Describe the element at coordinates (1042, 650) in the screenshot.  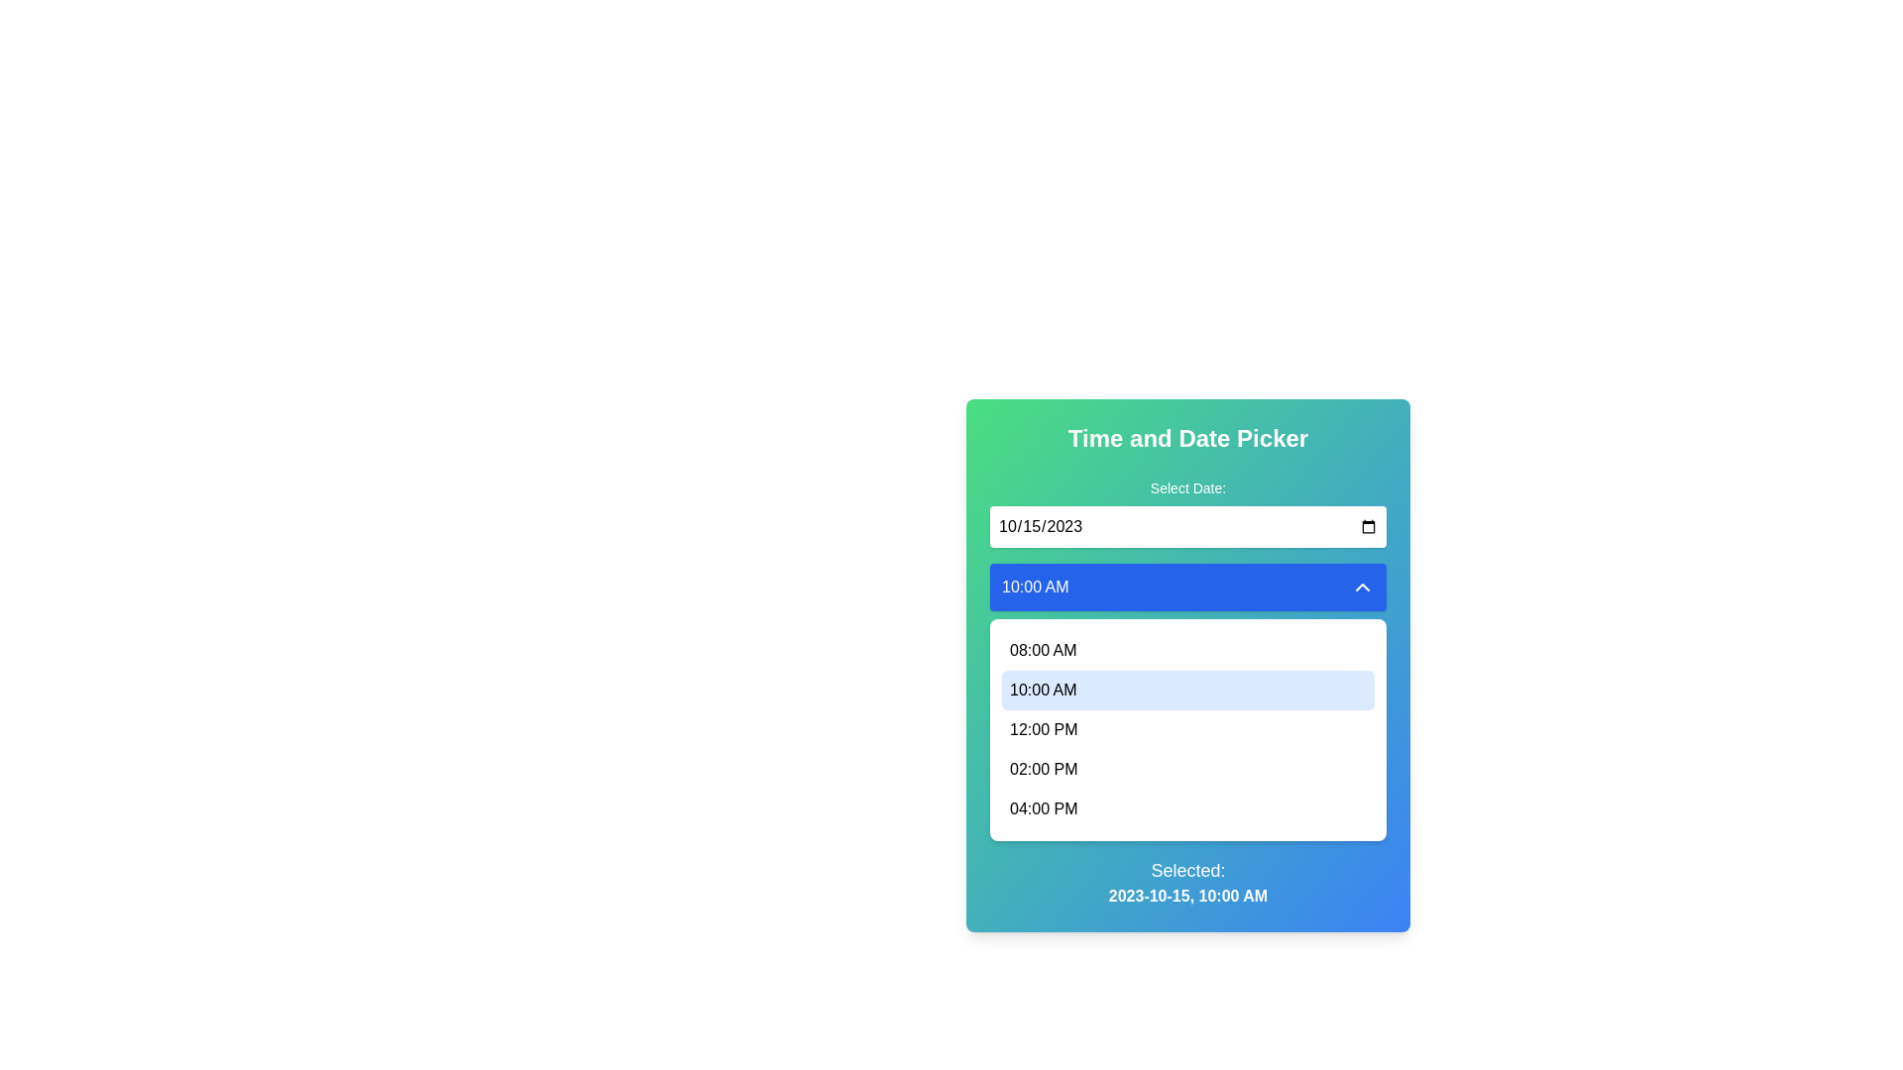
I see `the first option '08:00 AM' in the dropdown time picker` at that location.